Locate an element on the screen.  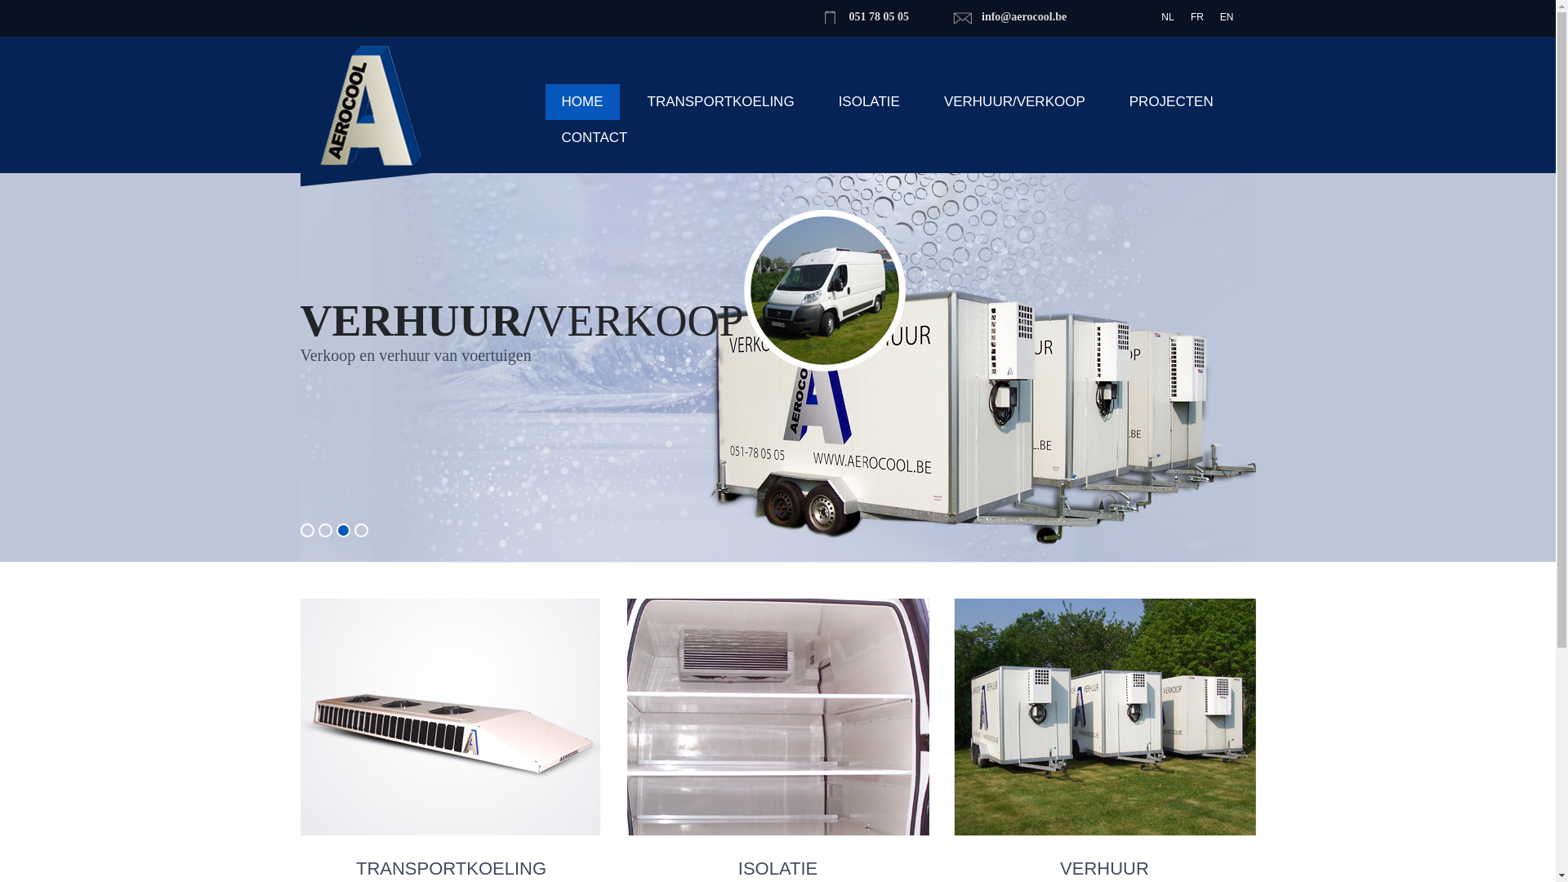
'FR' is located at coordinates (1196, 18).